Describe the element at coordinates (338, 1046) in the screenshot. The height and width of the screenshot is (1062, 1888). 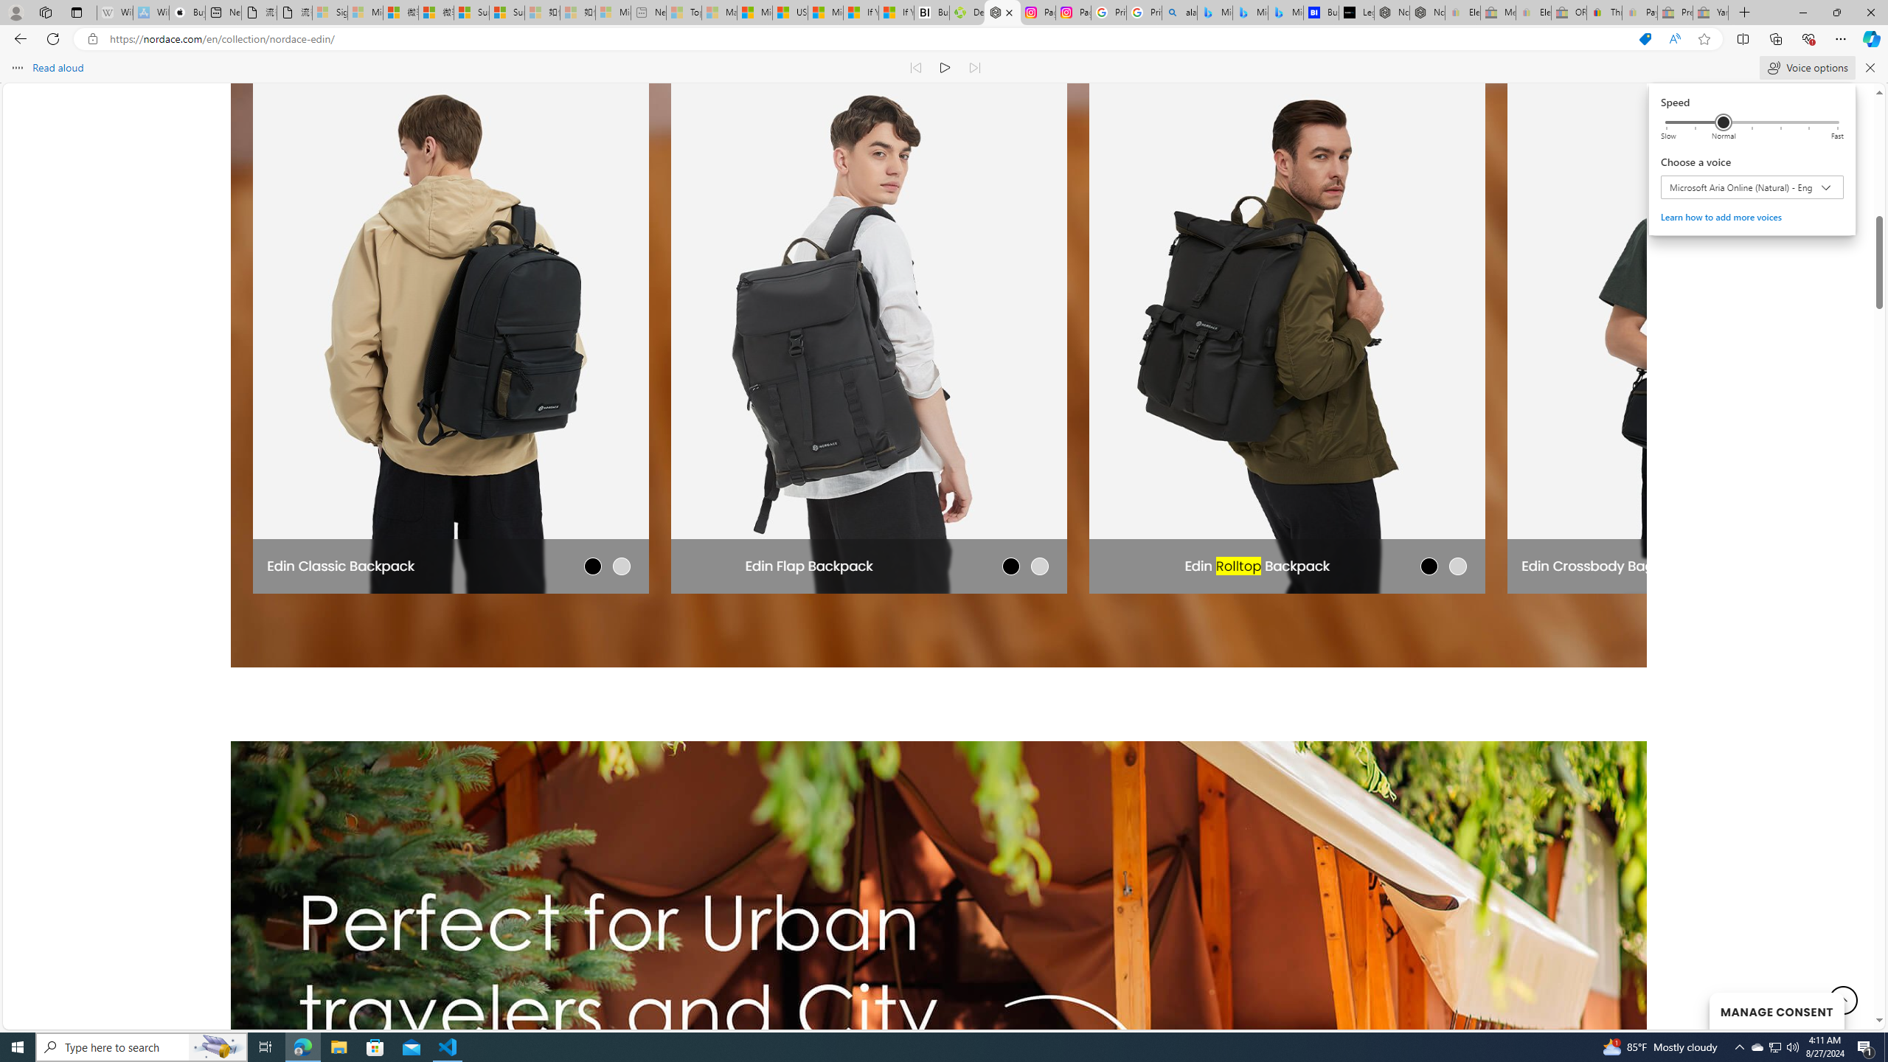
I see `'File Explorer'` at that location.